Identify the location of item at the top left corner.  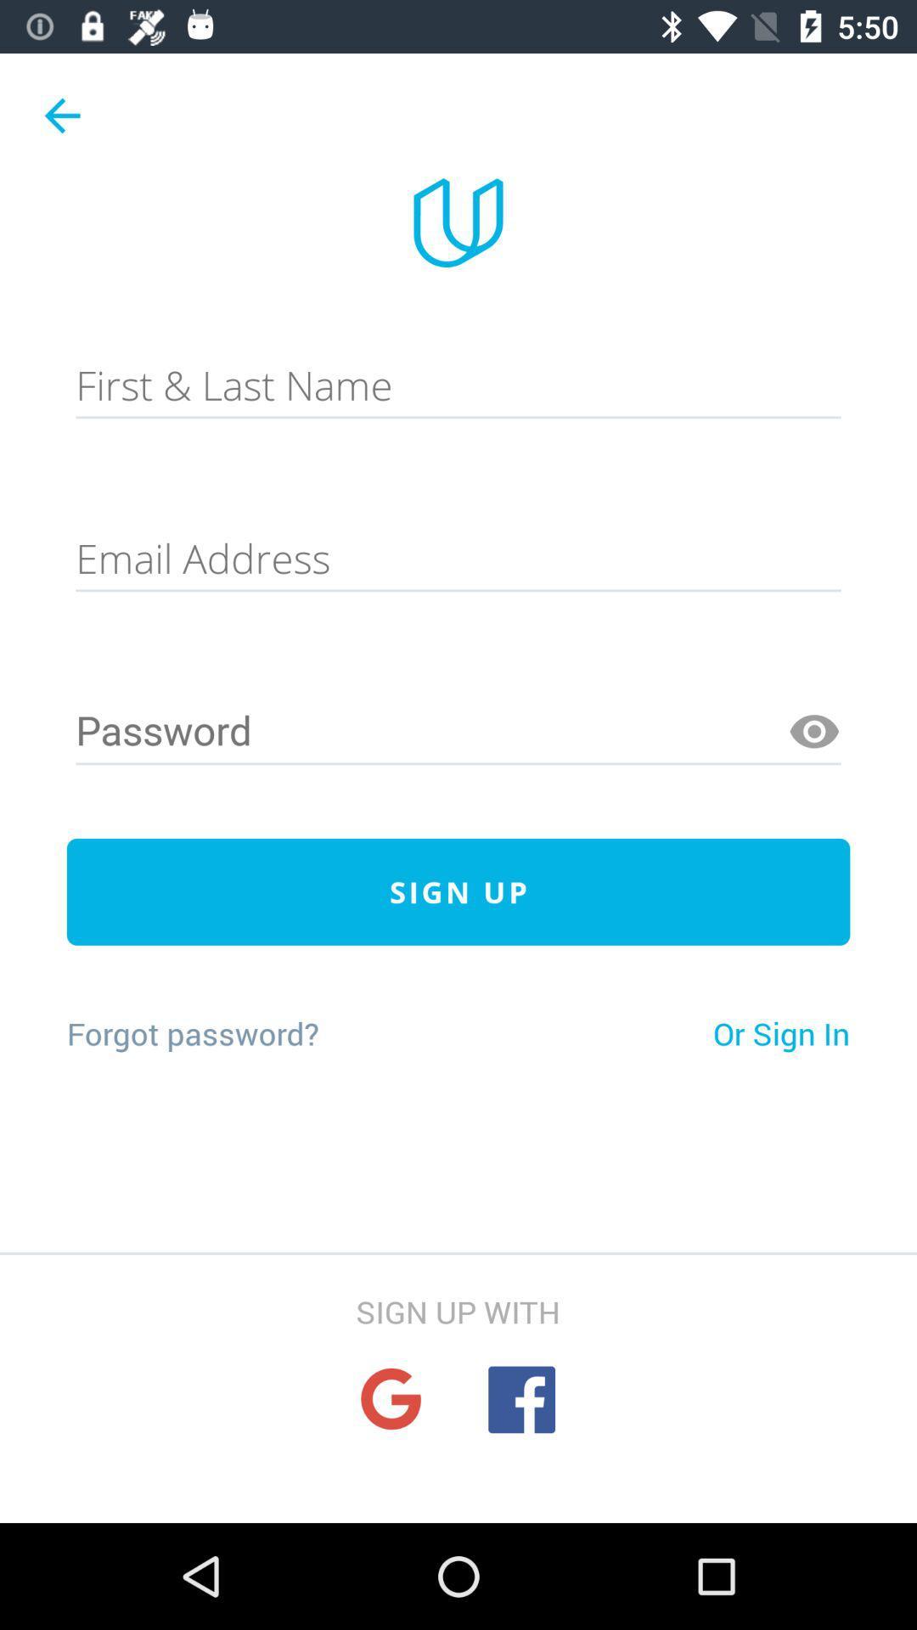
(61, 115).